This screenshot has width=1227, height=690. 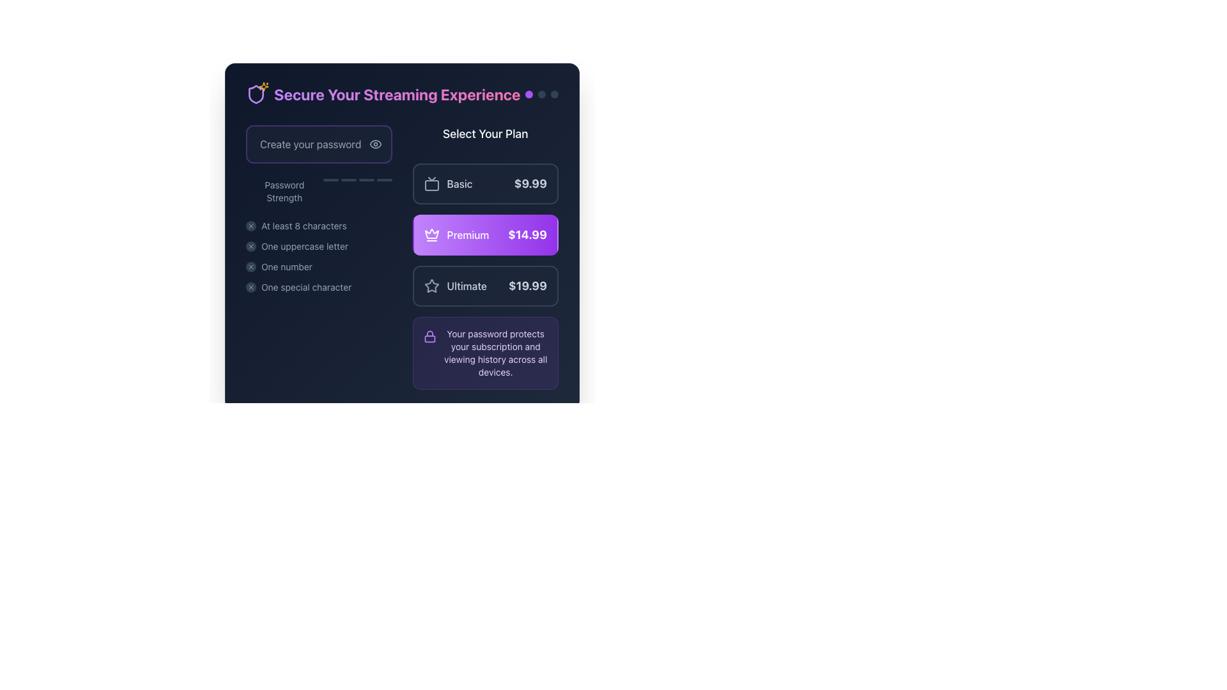 I want to click on the visual indication of the yellow star icon with sparkles located near the upper-left corner of the interface, adjacent to the purple shield icon, so click(x=263, y=86).